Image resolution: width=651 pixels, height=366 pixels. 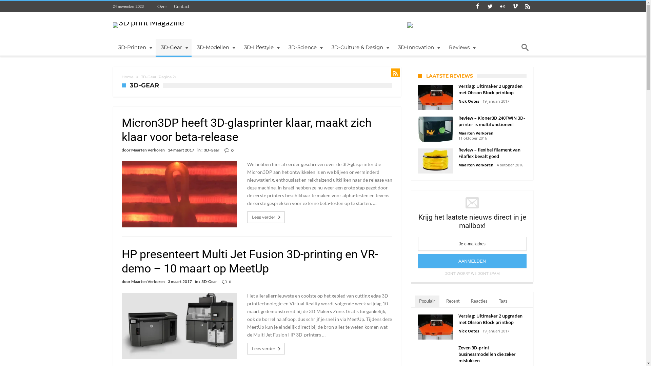 I want to click on 'Facebook', so click(x=477, y=6).